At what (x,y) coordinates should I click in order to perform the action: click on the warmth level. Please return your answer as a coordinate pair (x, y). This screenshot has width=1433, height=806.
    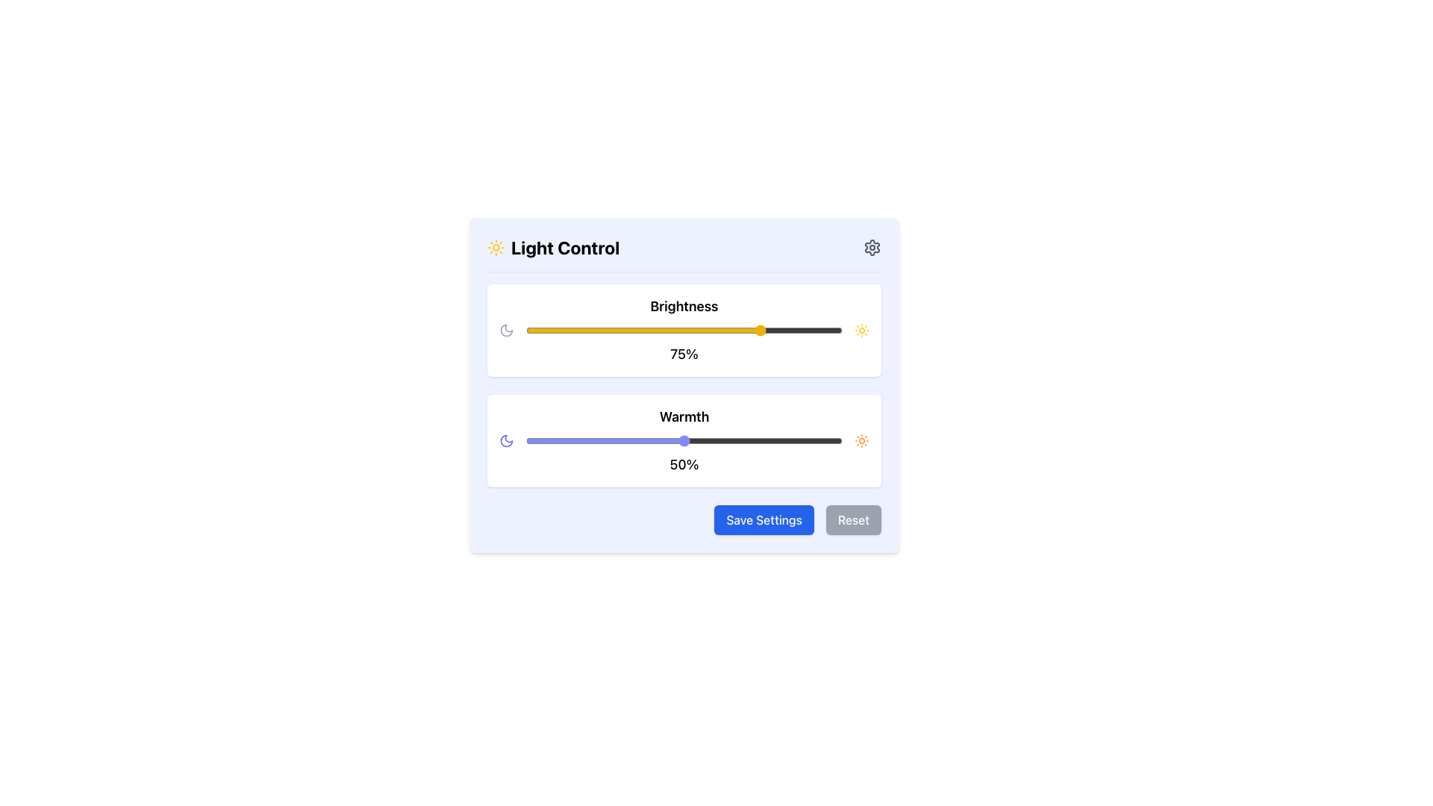
    Looking at the image, I should click on (800, 440).